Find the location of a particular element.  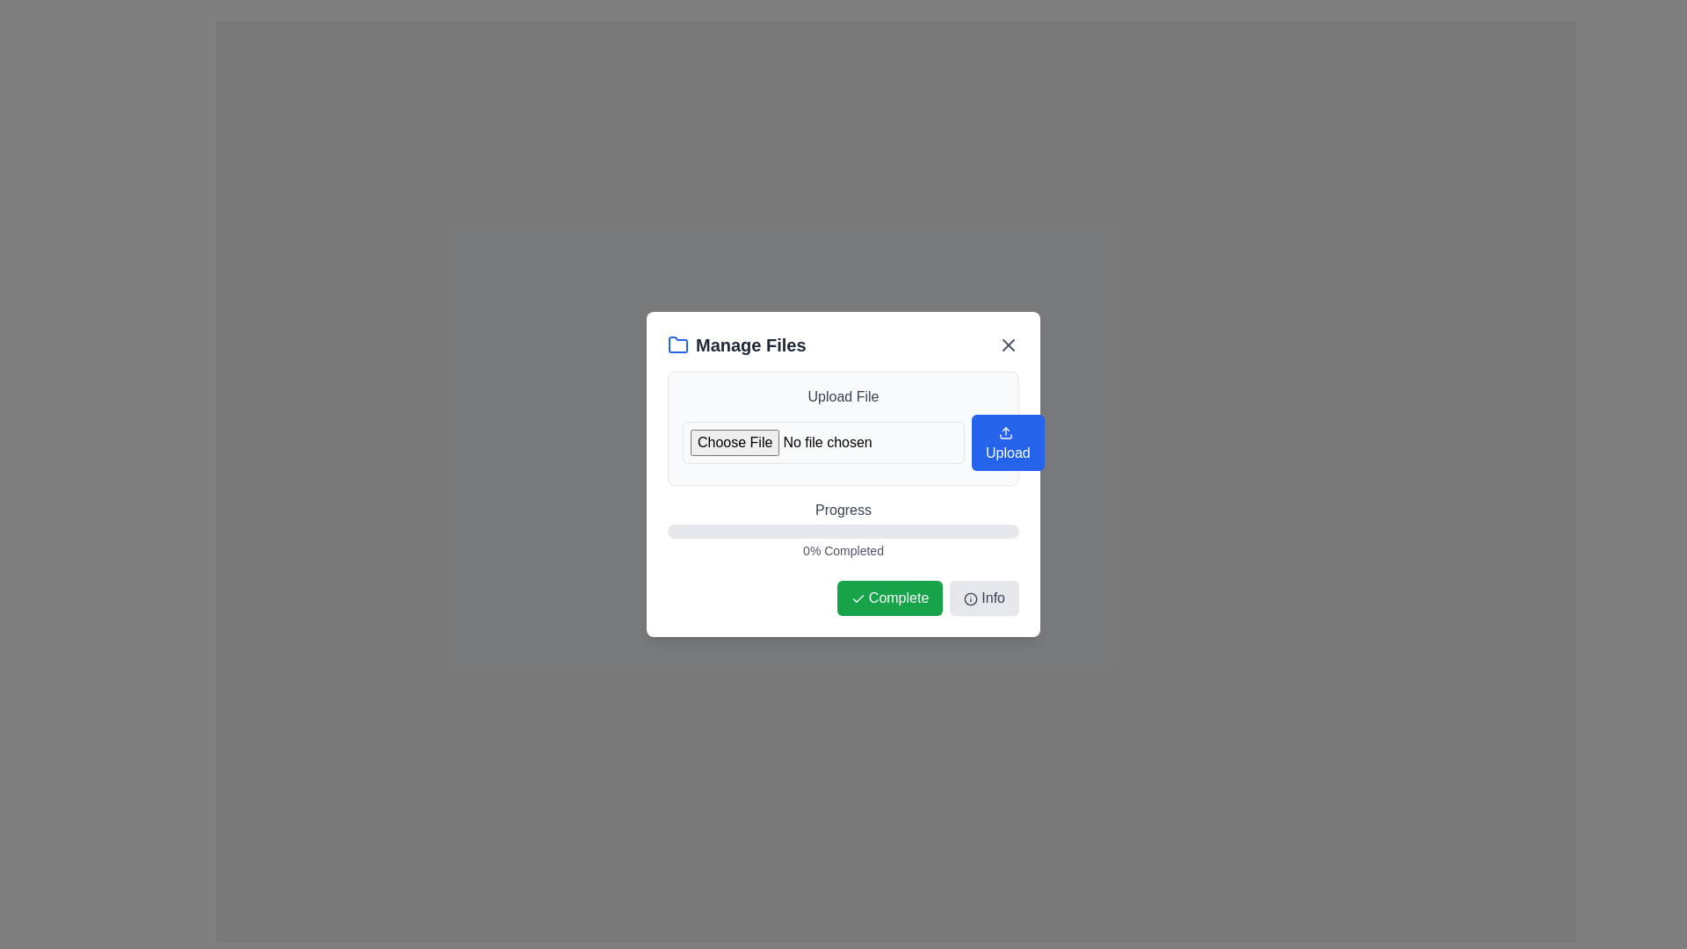

the blue folder-shaped icon located to the left of the bold text 'Manage Files' at the top-center of the modal dialog box is located at coordinates (677, 345).